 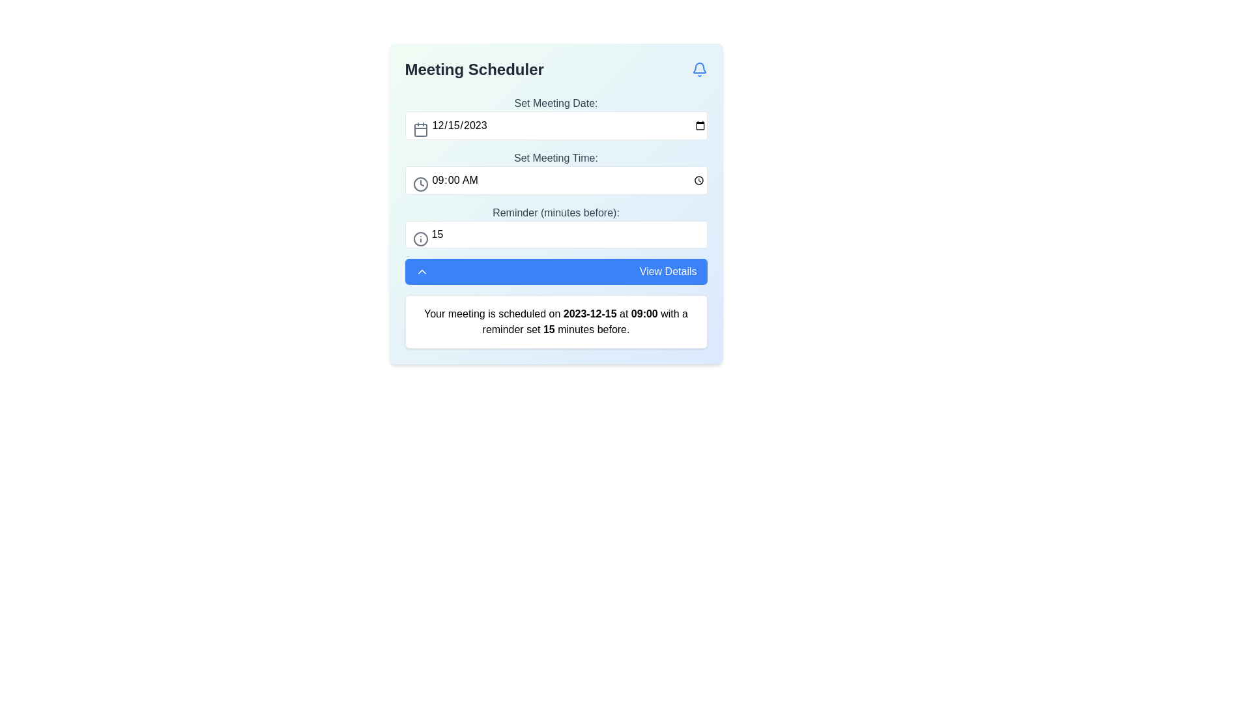 What do you see at coordinates (556, 213) in the screenshot?
I see `the text label that informs the user about the reminder time in minutes before the meeting, located centrally under the 'Set Meeting Time:' field` at bounding box center [556, 213].